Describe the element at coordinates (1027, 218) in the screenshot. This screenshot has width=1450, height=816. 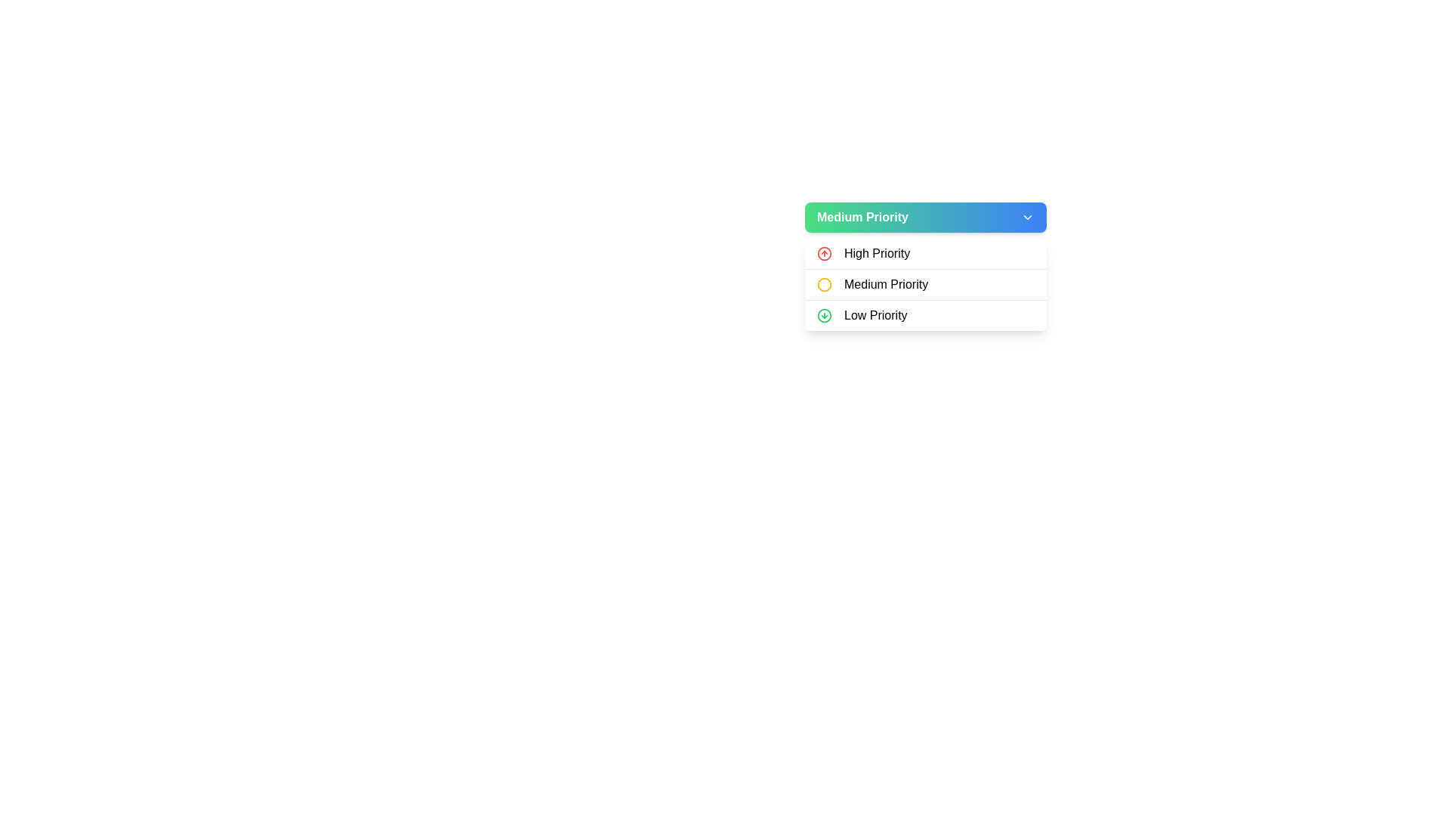
I see `the downward-pointing chevron icon on the far-right side of the 'Medium Priority' bar` at that location.